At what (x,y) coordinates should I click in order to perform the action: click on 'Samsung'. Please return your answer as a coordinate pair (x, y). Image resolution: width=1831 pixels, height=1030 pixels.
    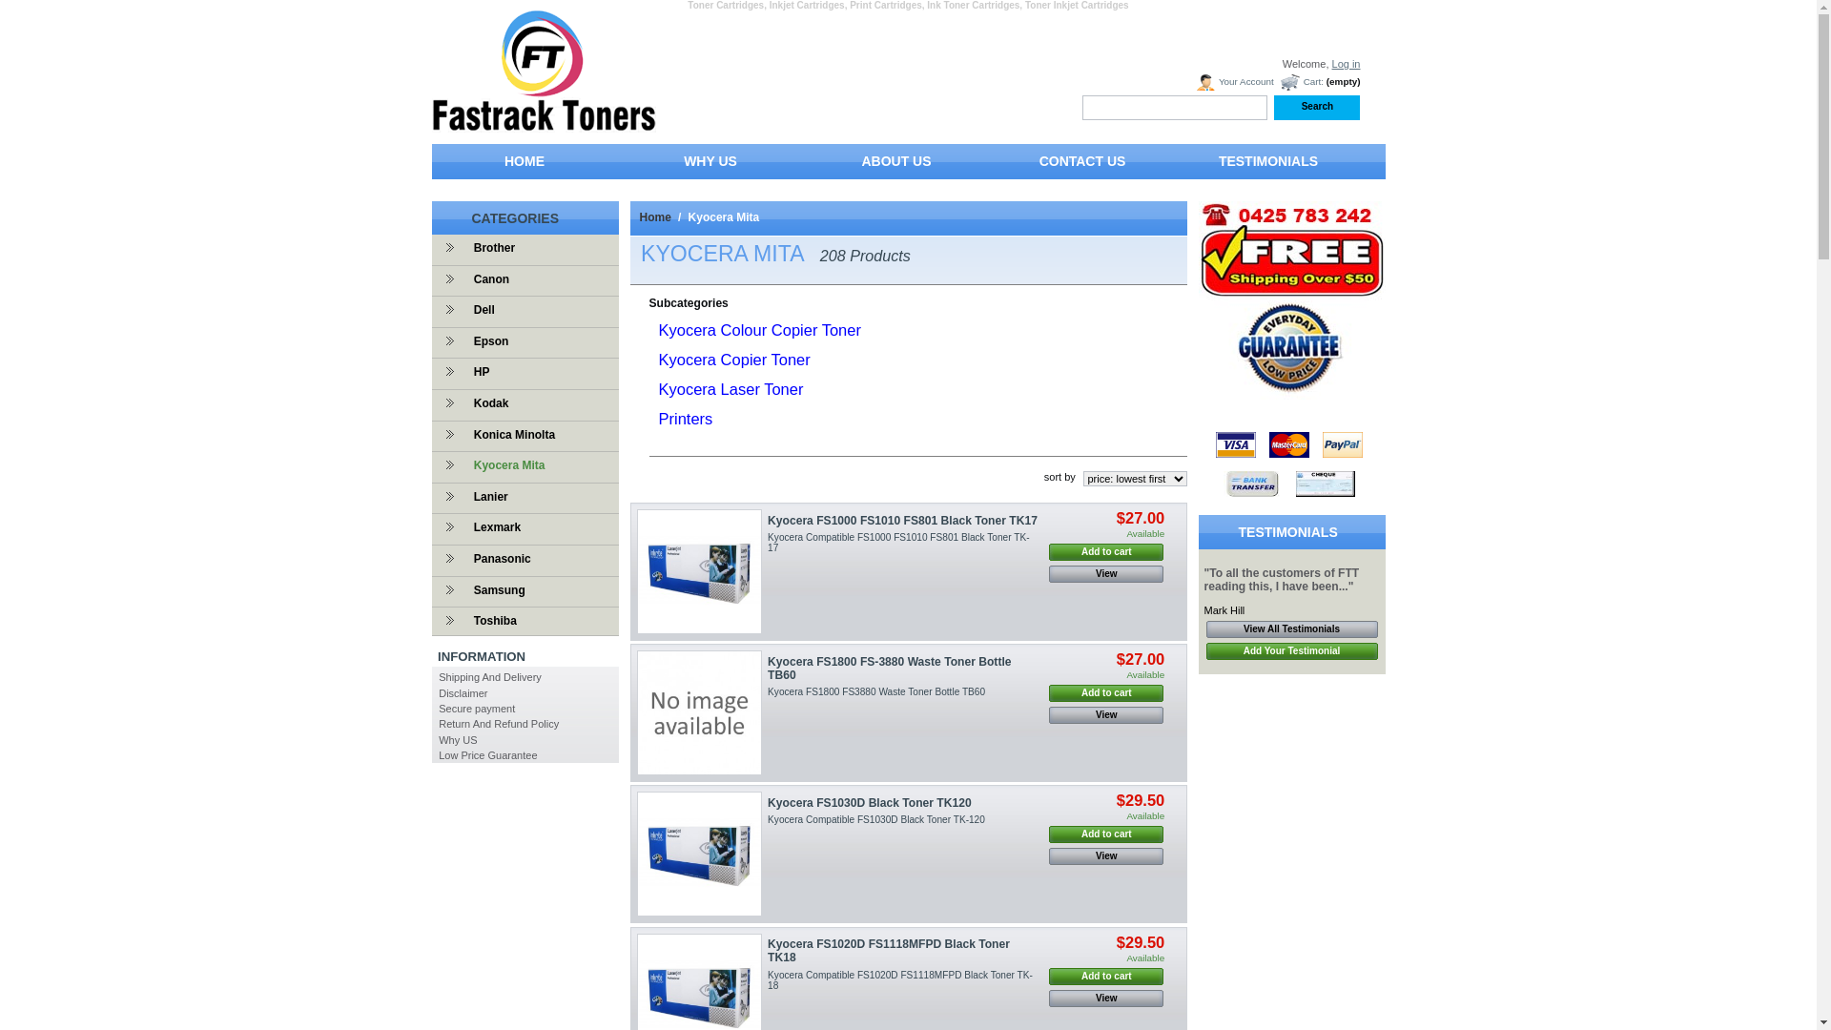
    Looking at the image, I should click on (494, 588).